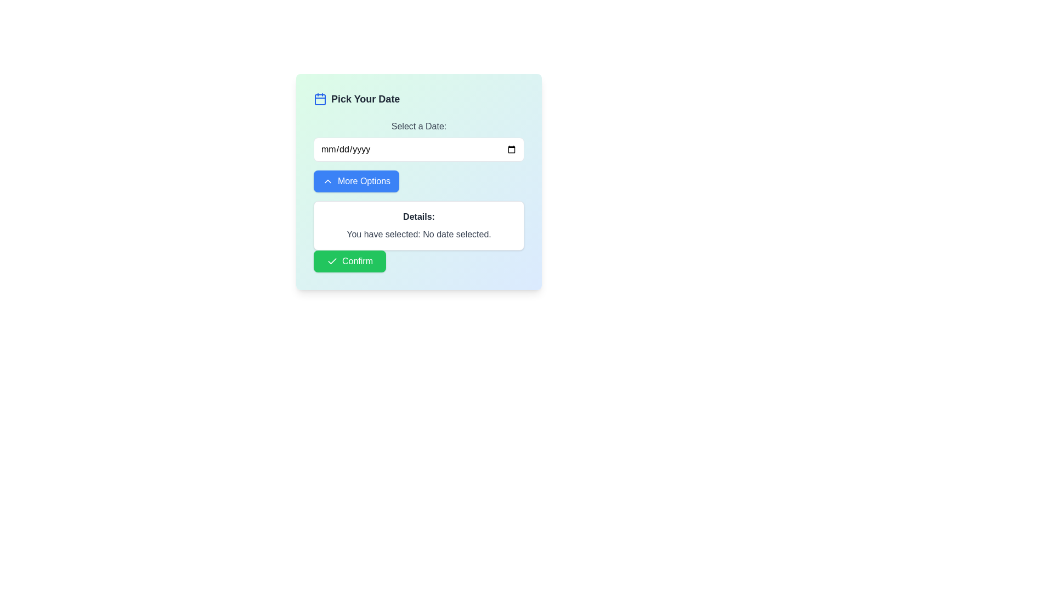 Image resolution: width=1053 pixels, height=592 pixels. What do you see at coordinates (418, 225) in the screenshot?
I see `informational text block that displays feedback about the currently selected date, located beneath the 'More Options' button and above the green 'Confirm' button` at bounding box center [418, 225].